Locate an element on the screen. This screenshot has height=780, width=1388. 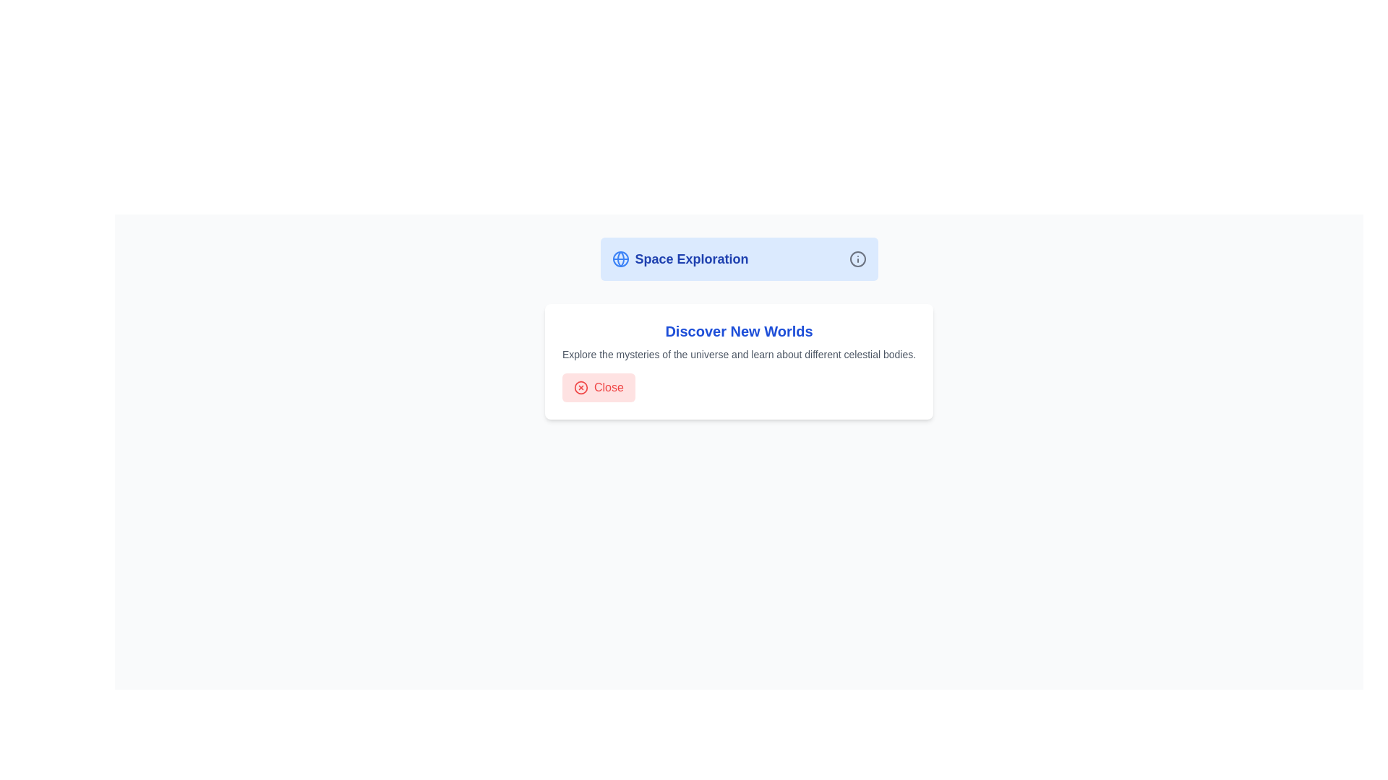
the decorative Circle SVG element that represents the globe icon, located to the left of the 'Space Exploration' text is located at coordinates (620, 258).